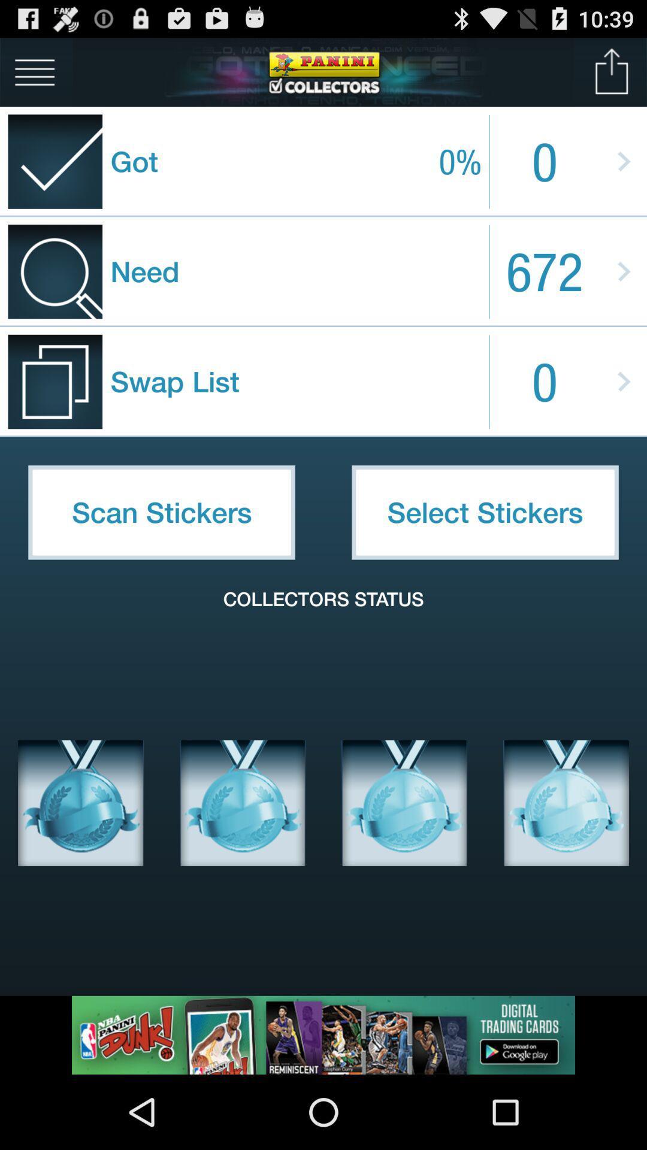 The image size is (647, 1150). Describe the element at coordinates (81, 803) in the screenshot. I see `the item below the collectors status` at that location.